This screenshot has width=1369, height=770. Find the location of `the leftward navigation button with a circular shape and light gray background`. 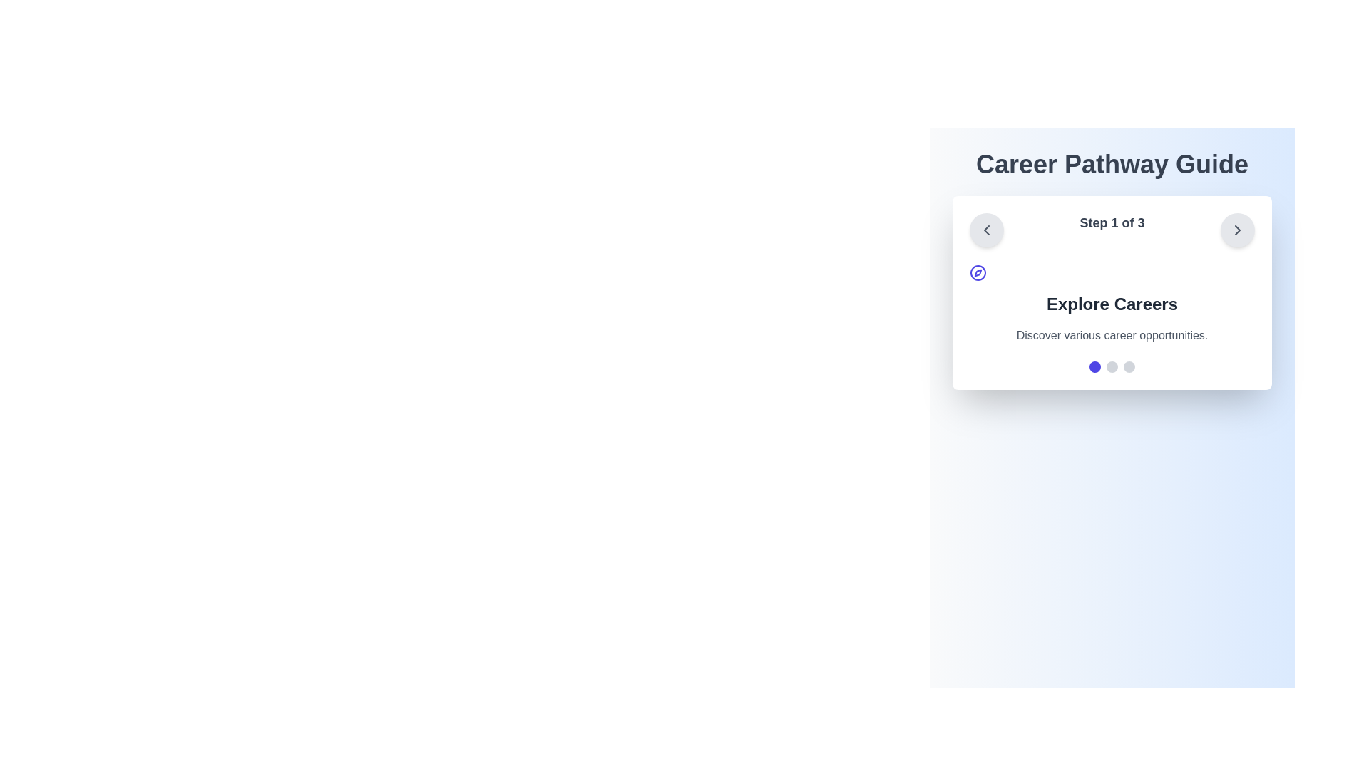

the leftward navigation button with a circular shape and light gray background is located at coordinates (985, 230).